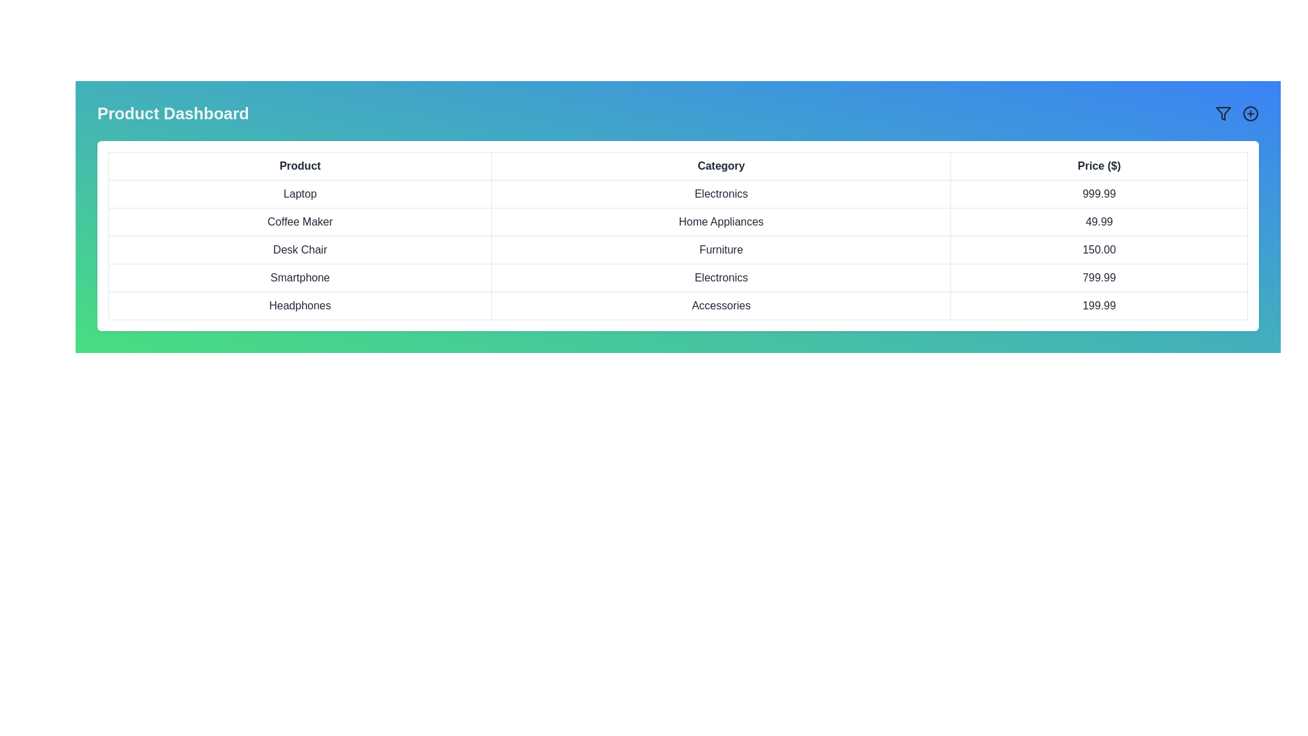  Describe the element at coordinates (1099, 277) in the screenshot. I see `price value displayed in the table cell for the product 'Smartphone' located in the 'Price ($)' column at the fourth row` at that location.